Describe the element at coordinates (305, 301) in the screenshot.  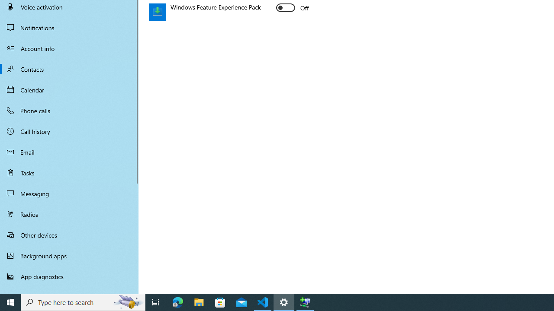
I see `'Extensible Wizards Host Process - 1 running window'` at that location.